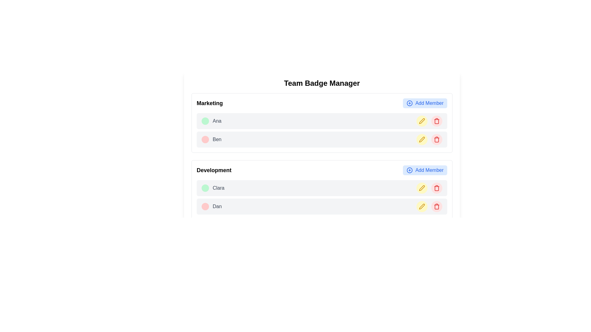  What do you see at coordinates (211, 140) in the screenshot?
I see `the Composite label containing 'Inactive' and 'Ben', which is the second item in the 'Marketing' group of the 'Team Badge Manager' UI` at bounding box center [211, 140].